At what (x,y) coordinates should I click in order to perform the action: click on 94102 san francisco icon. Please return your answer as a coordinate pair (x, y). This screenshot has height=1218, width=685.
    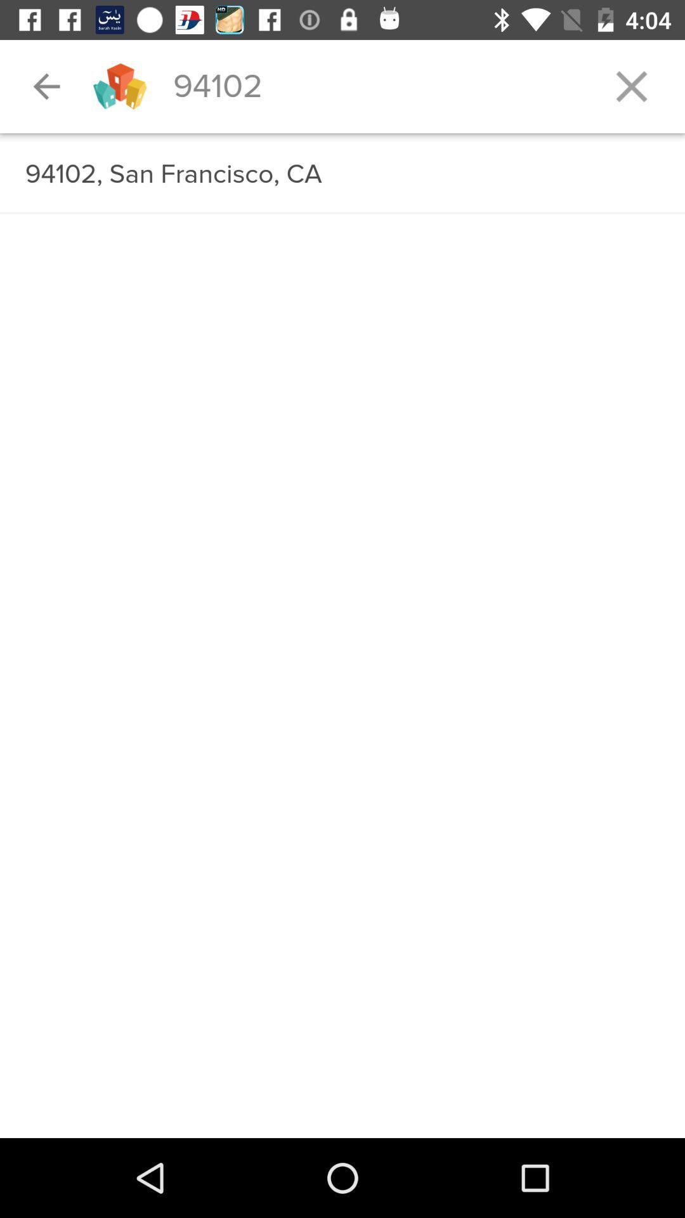
    Looking at the image, I should click on (342, 174).